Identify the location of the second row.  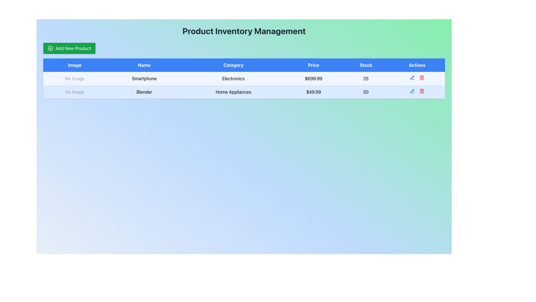
(244, 91).